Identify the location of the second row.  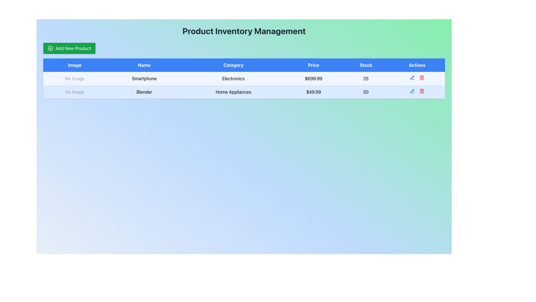
(244, 91).